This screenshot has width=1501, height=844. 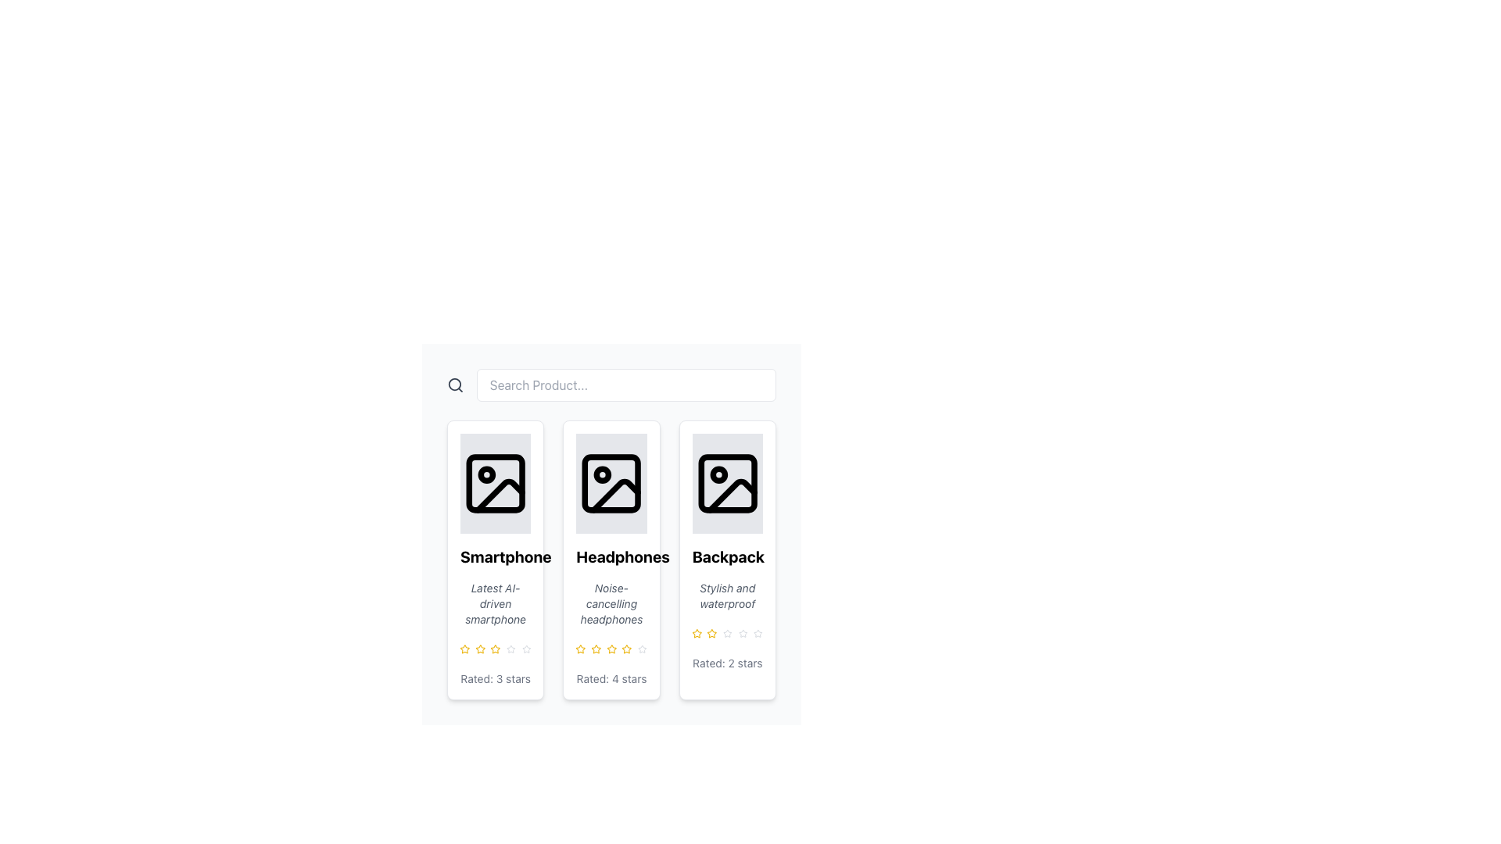 What do you see at coordinates (495, 649) in the screenshot?
I see `the third star` at bounding box center [495, 649].